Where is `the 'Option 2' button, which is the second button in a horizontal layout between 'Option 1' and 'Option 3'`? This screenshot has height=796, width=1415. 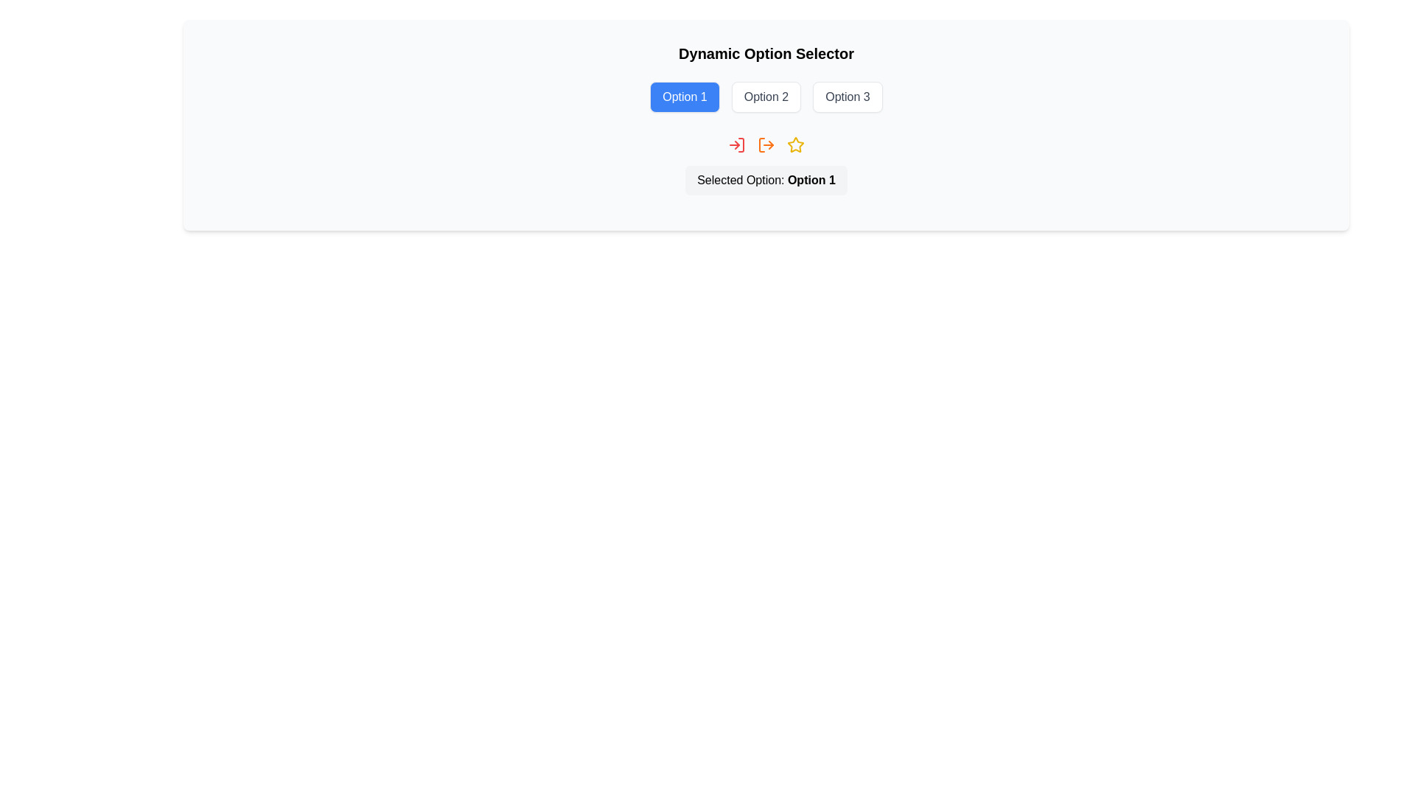
the 'Option 2' button, which is the second button in a horizontal layout between 'Option 1' and 'Option 3' is located at coordinates (766, 97).